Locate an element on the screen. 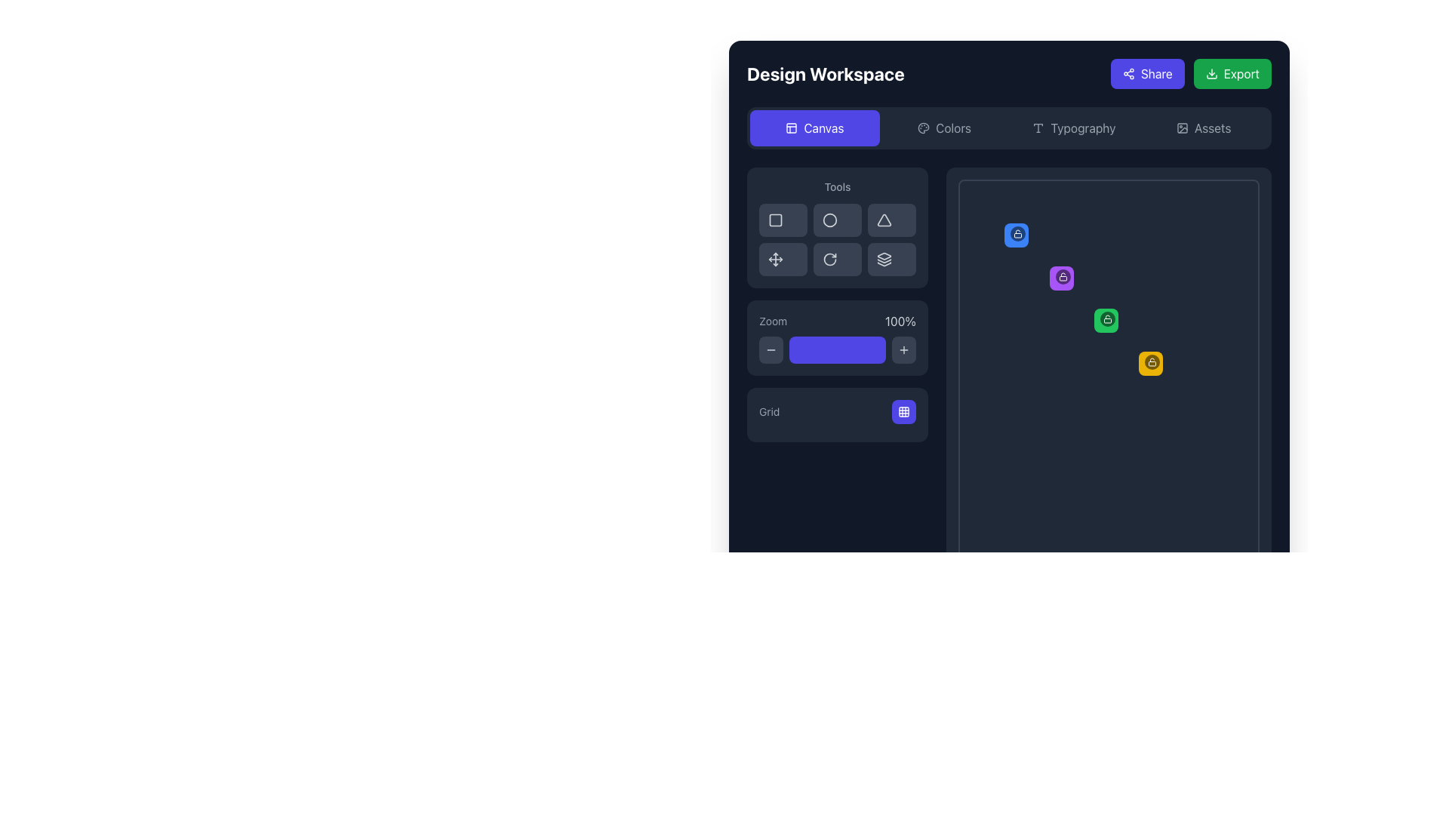 This screenshot has width=1449, height=815. the 'Colors' label in the top navigation bar is located at coordinates (952, 127).